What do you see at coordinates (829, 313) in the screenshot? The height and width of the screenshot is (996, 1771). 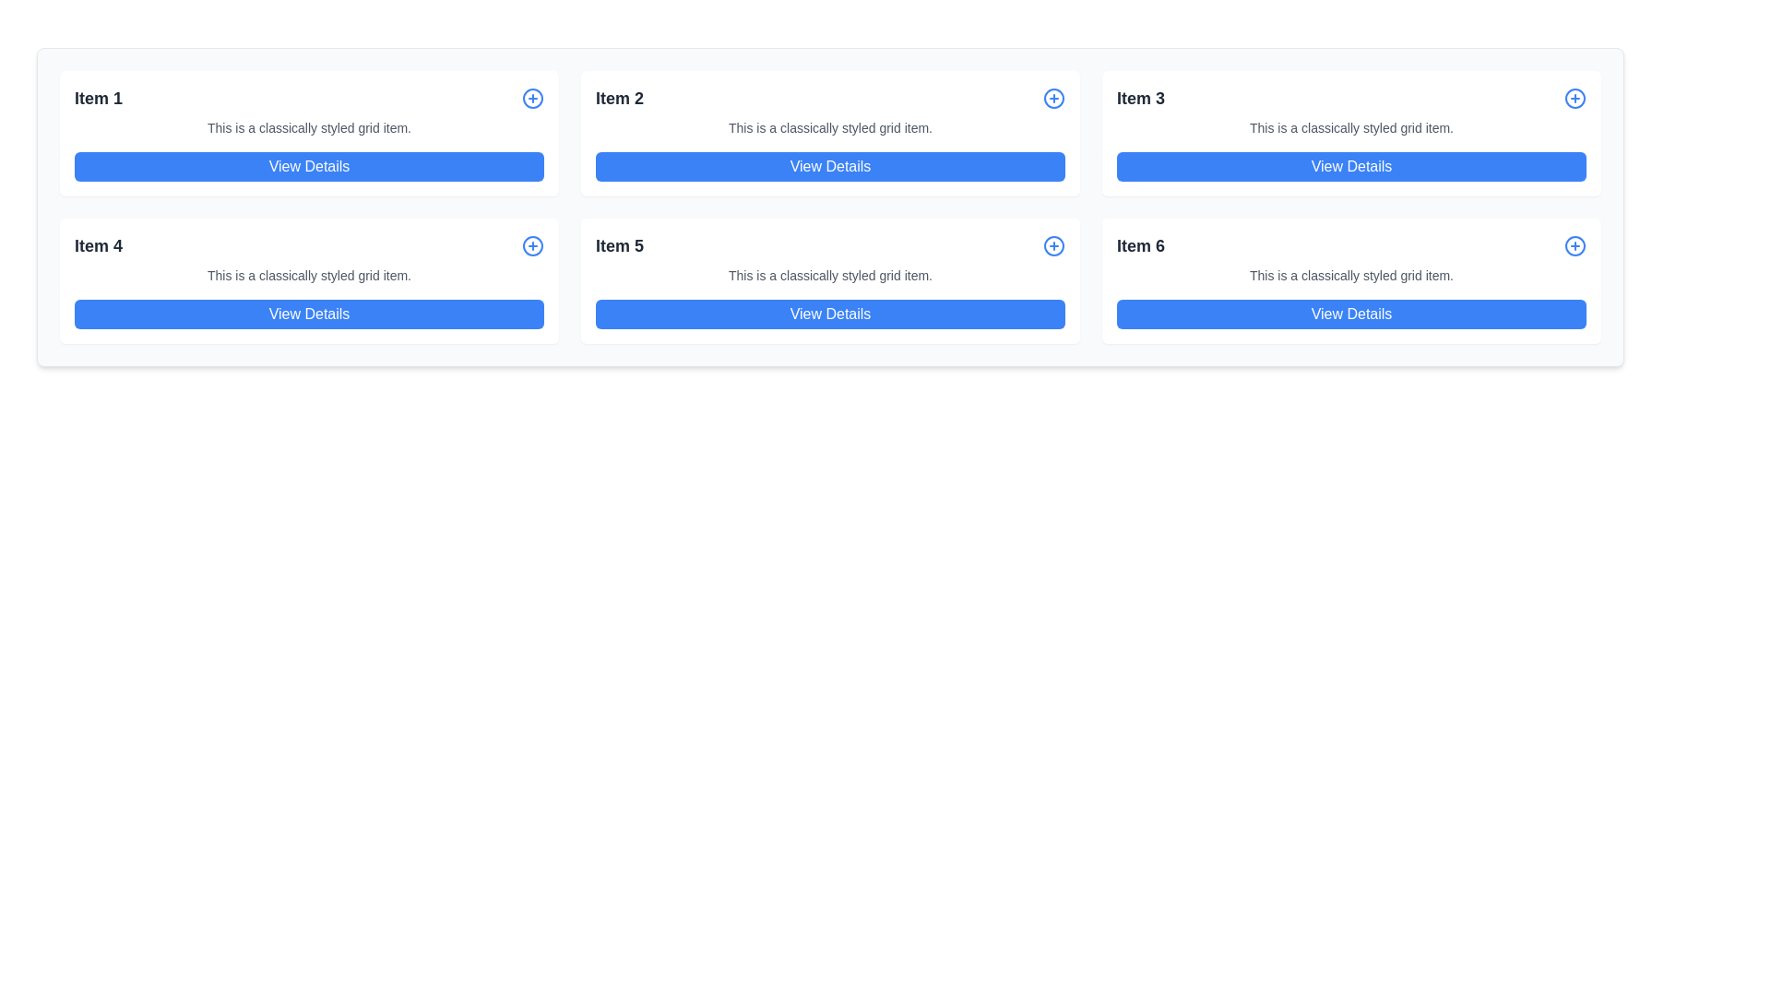 I see `the button associated with item 5, located in the middle column of the second row, to change its color` at bounding box center [829, 313].